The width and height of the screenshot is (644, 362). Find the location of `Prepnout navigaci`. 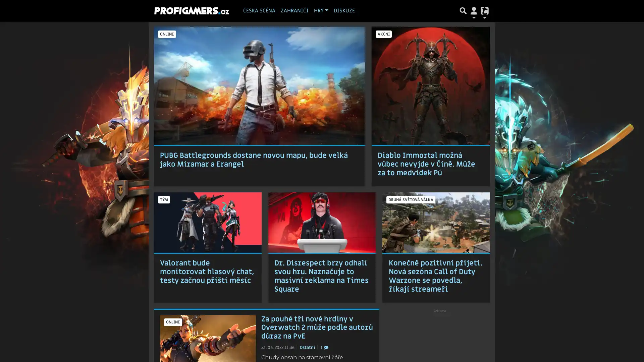

Prepnout navigaci is located at coordinates (484, 10).